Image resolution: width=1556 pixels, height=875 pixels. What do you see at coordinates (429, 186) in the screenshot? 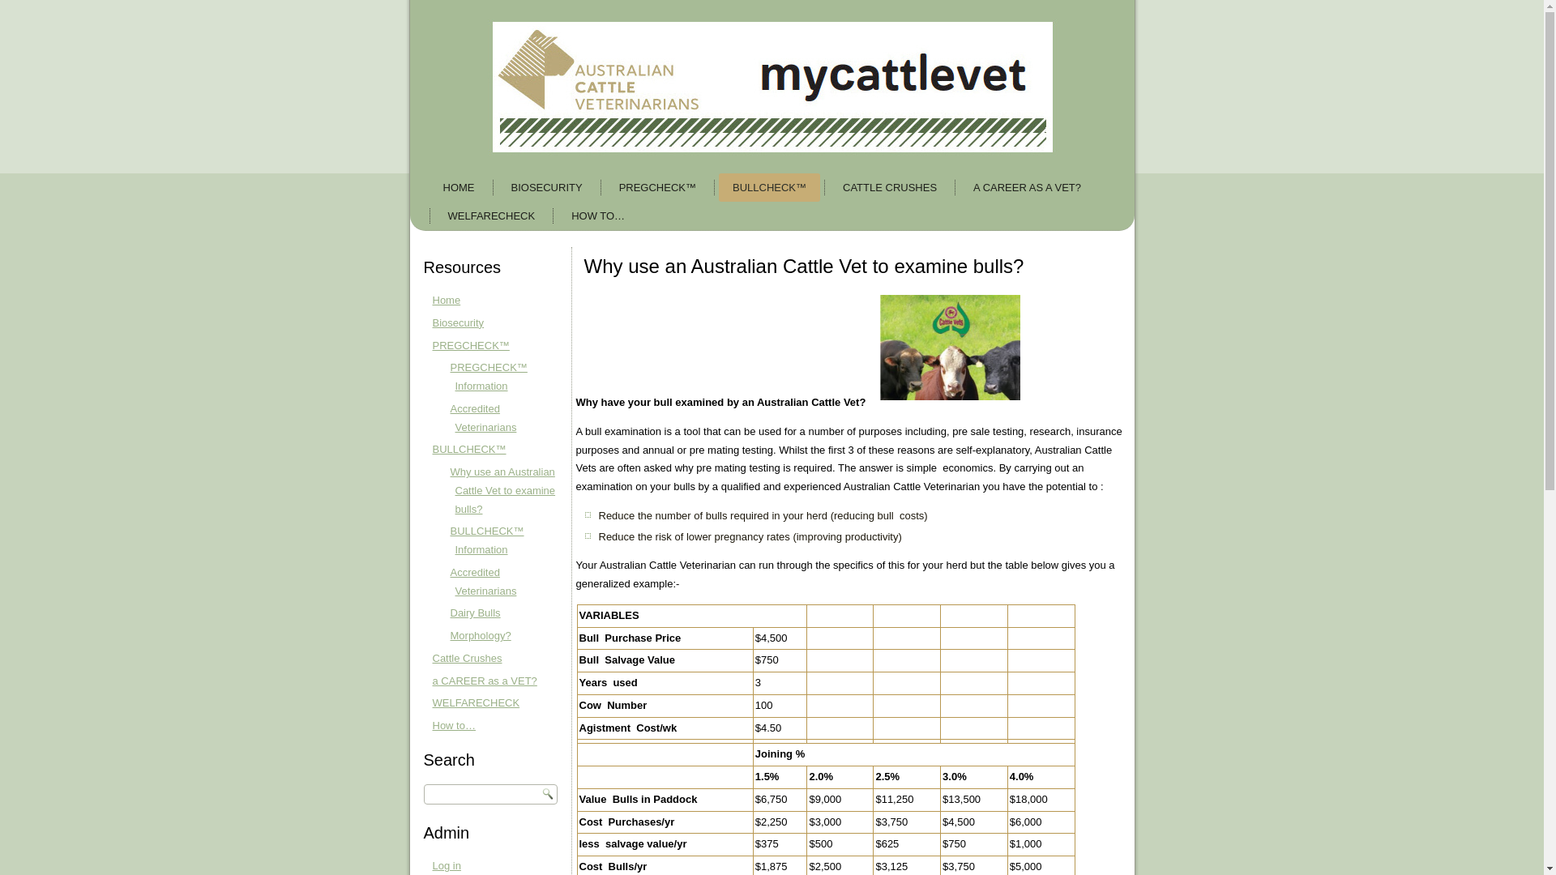
I see `'HOME'` at bounding box center [429, 186].